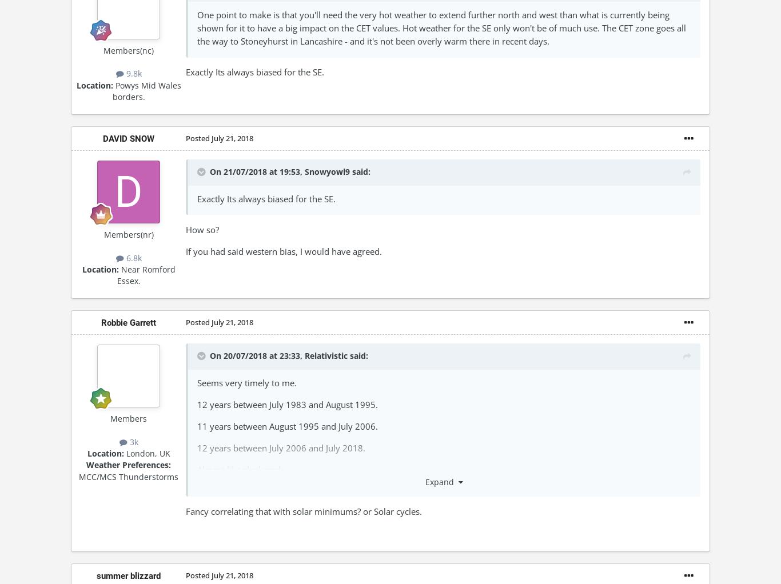 This screenshot has width=781, height=584. What do you see at coordinates (146, 275) in the screenshot?
I see `'Near Romford Essex.'` at bounding box center [146, 275].